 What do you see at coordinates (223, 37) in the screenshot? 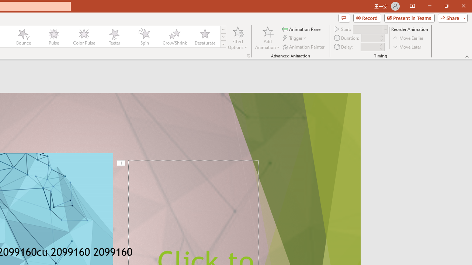
I see `'Row Down'` at bounding box center [223, 37].